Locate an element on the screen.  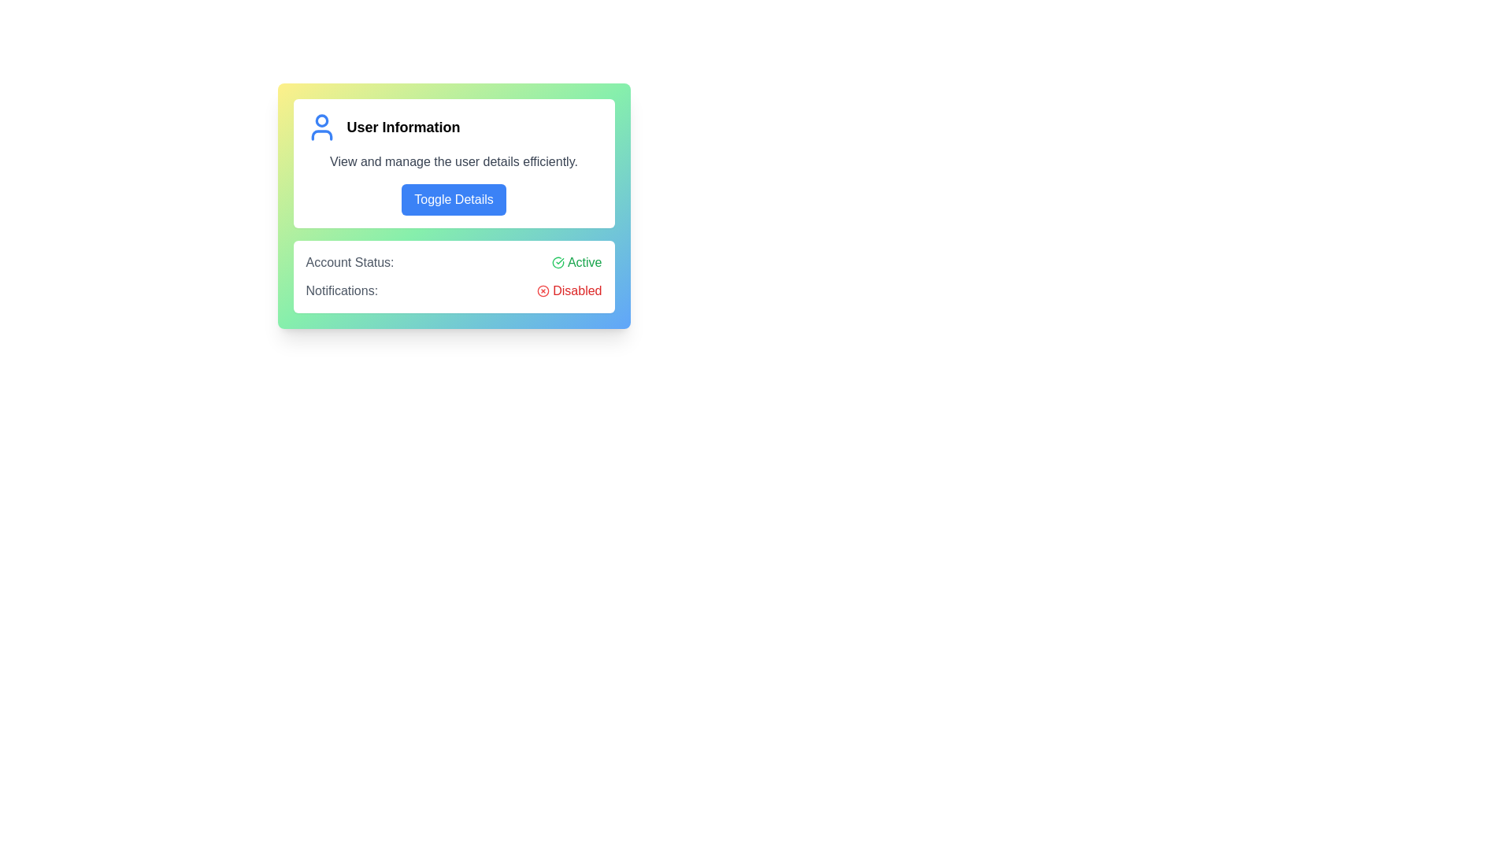
information displayed in the 'User Information' title, which is prominently styled and includes a blue user icon on its left is located at coordinates (453, 127).